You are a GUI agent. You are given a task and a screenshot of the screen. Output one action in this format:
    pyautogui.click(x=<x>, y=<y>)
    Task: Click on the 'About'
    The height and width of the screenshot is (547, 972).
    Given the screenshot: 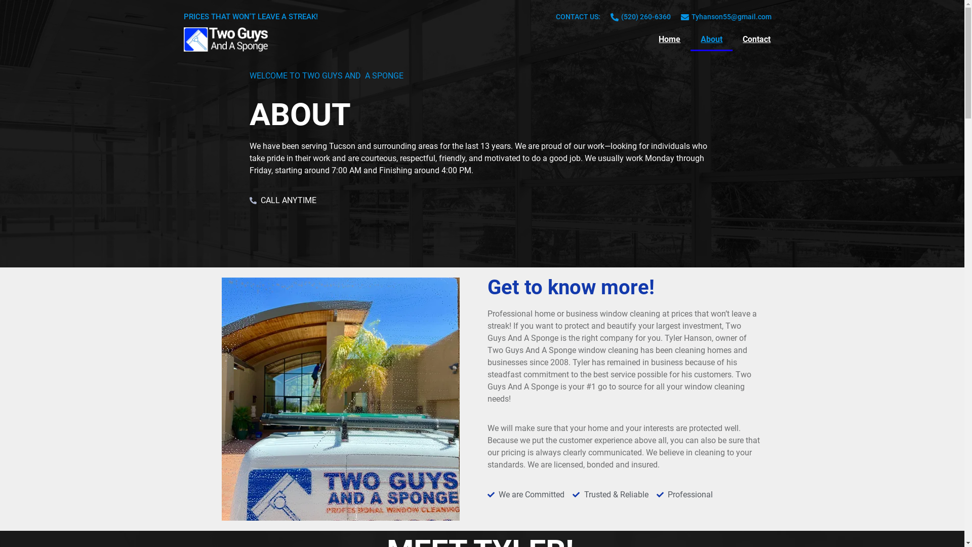 What is the action you would take?
    pyautogui.click(x=711, y=38)
    